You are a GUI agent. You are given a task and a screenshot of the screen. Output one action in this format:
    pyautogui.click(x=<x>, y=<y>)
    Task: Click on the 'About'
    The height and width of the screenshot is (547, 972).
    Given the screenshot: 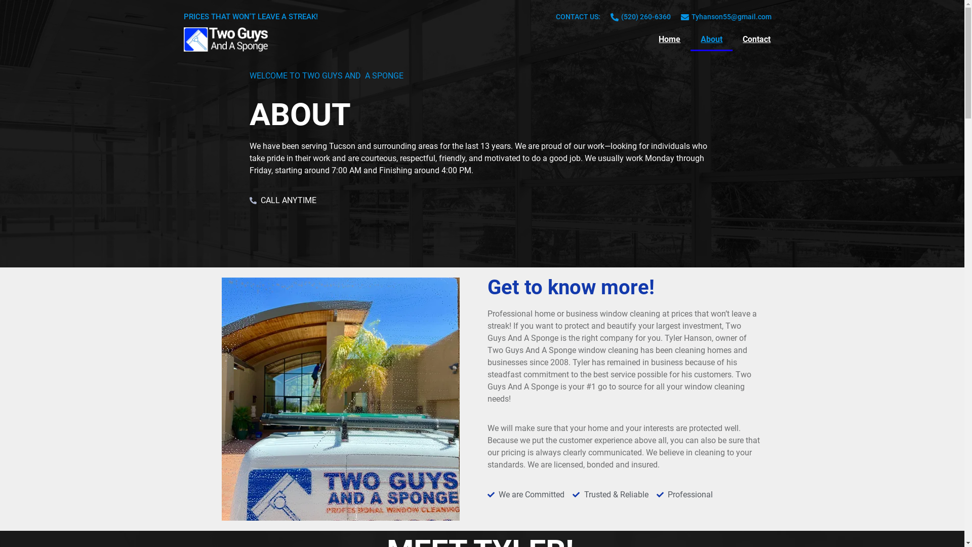 What is the action you would take?
    pyautogui.click(x=711, y=38)
    